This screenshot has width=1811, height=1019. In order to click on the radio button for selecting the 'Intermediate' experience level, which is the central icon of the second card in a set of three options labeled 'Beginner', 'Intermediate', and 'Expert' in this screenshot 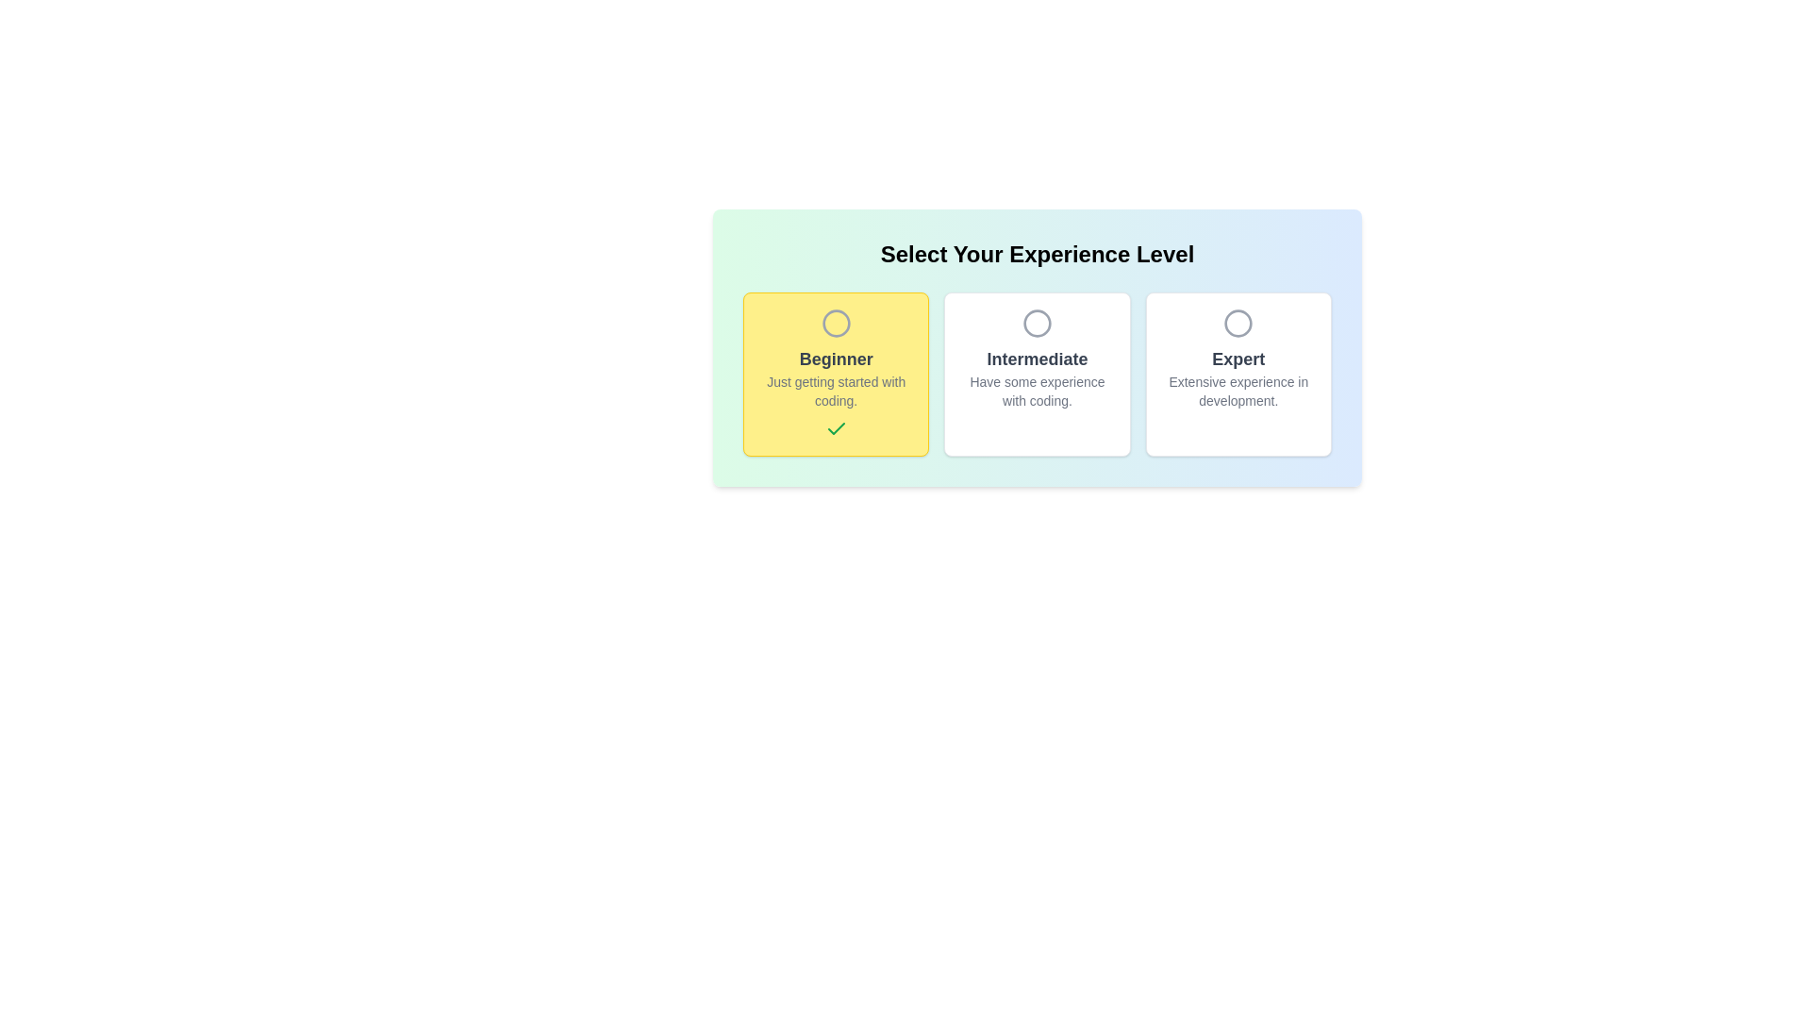, I will do `click(1036, 323)`.